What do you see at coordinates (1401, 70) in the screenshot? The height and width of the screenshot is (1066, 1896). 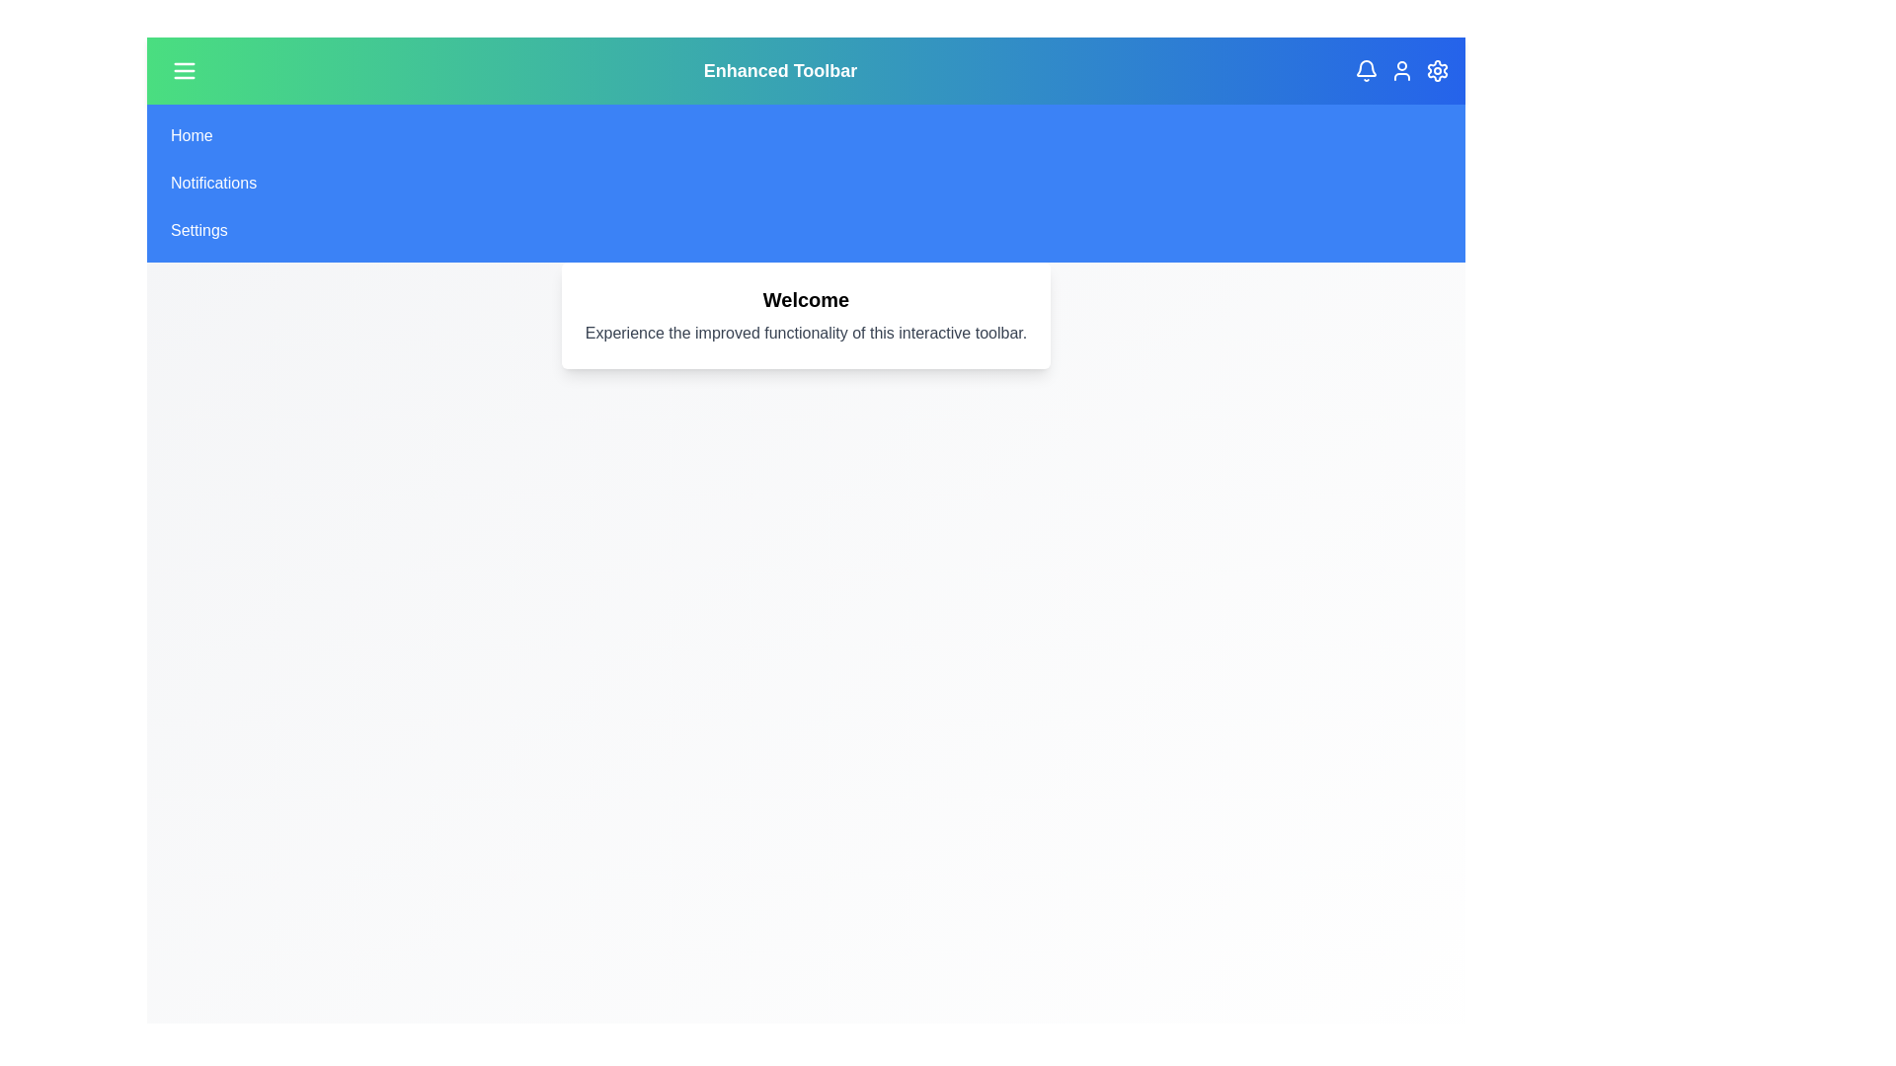 I see `the user icon in the toolbar` at bounding box center [1401, 70].